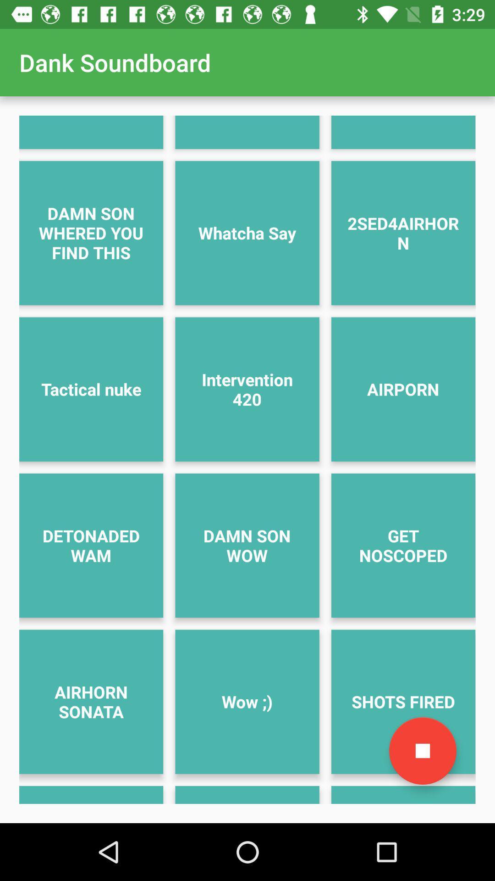 The height and width of the screenshot is (881, 495). I want to click on photo button, so click(423, 751).